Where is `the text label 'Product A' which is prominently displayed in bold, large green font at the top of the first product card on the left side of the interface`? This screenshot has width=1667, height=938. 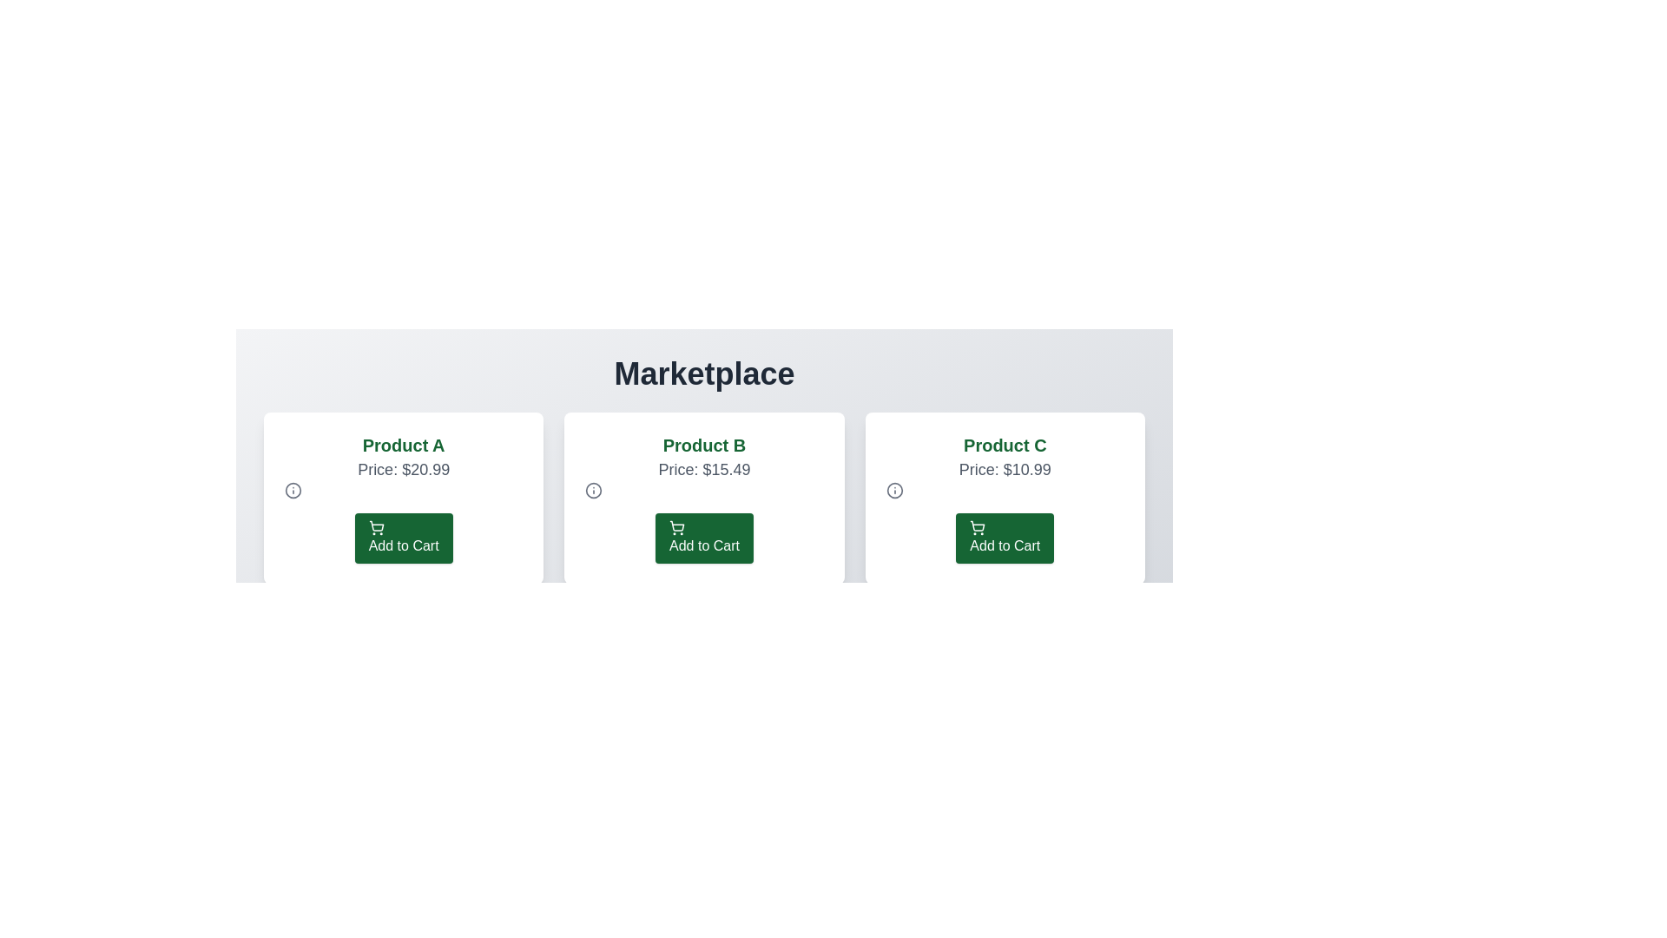 the text label 'Product A' which is prominently displayed in bold, large green font at the top of the first product card on the left side of the interface is located at coordinates (403, 445).